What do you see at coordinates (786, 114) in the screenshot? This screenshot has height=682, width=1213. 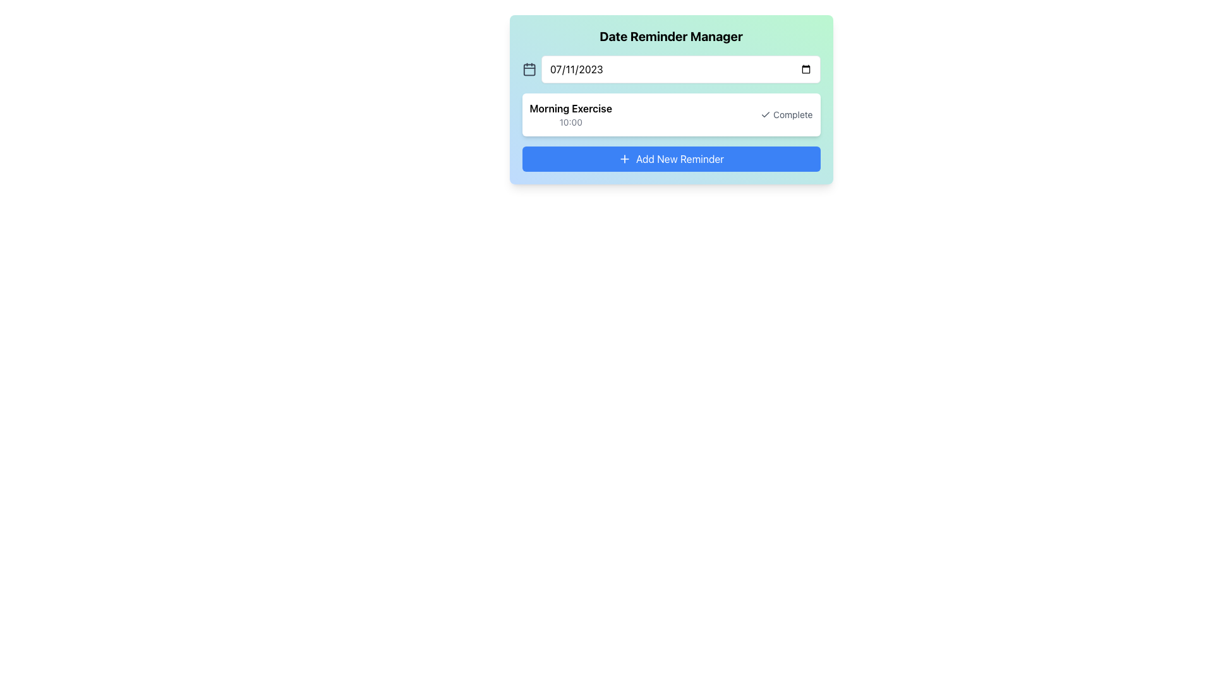 I see `the 'Complete' button with a checkmark icon to mark the task as complete` at bounding box center [786, 114].